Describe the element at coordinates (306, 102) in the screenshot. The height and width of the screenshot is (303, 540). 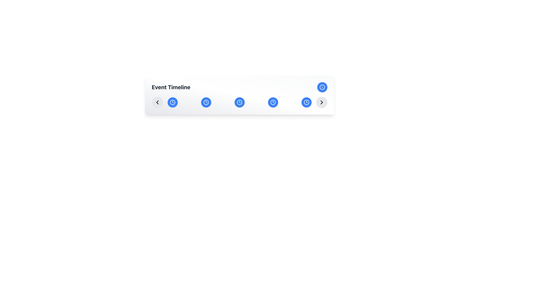
I see `the seventh circular icon in the timeline that symbolizes a specific time or event, which is surrounded by similar blue icons on its left and a right arrow button on its right` at that location.